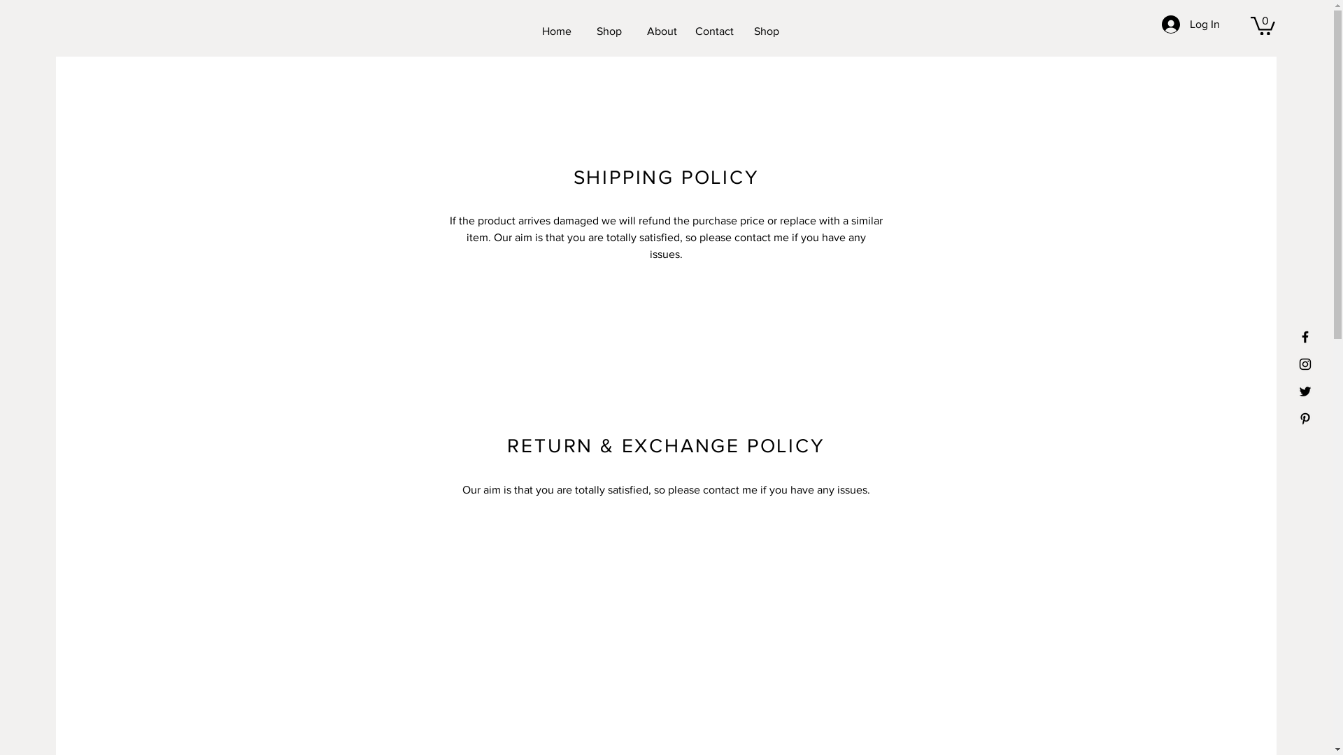  I want to click on 'Log In', so click(1190, 24).